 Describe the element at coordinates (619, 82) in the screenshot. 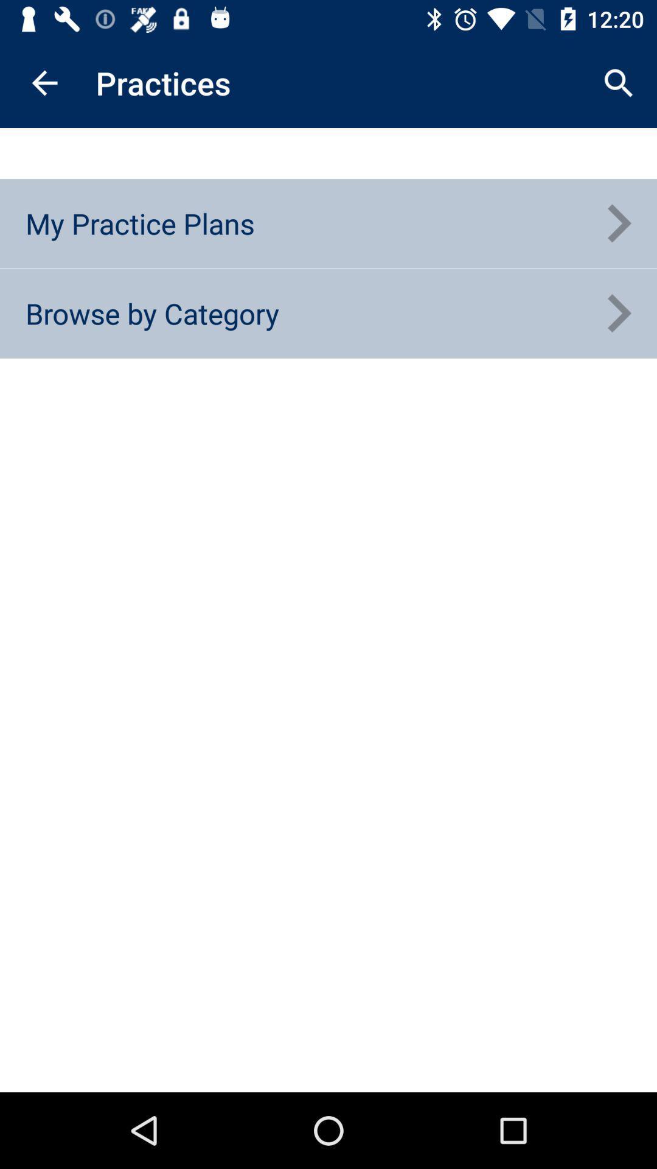

I see `app next to practices icon` at that location.